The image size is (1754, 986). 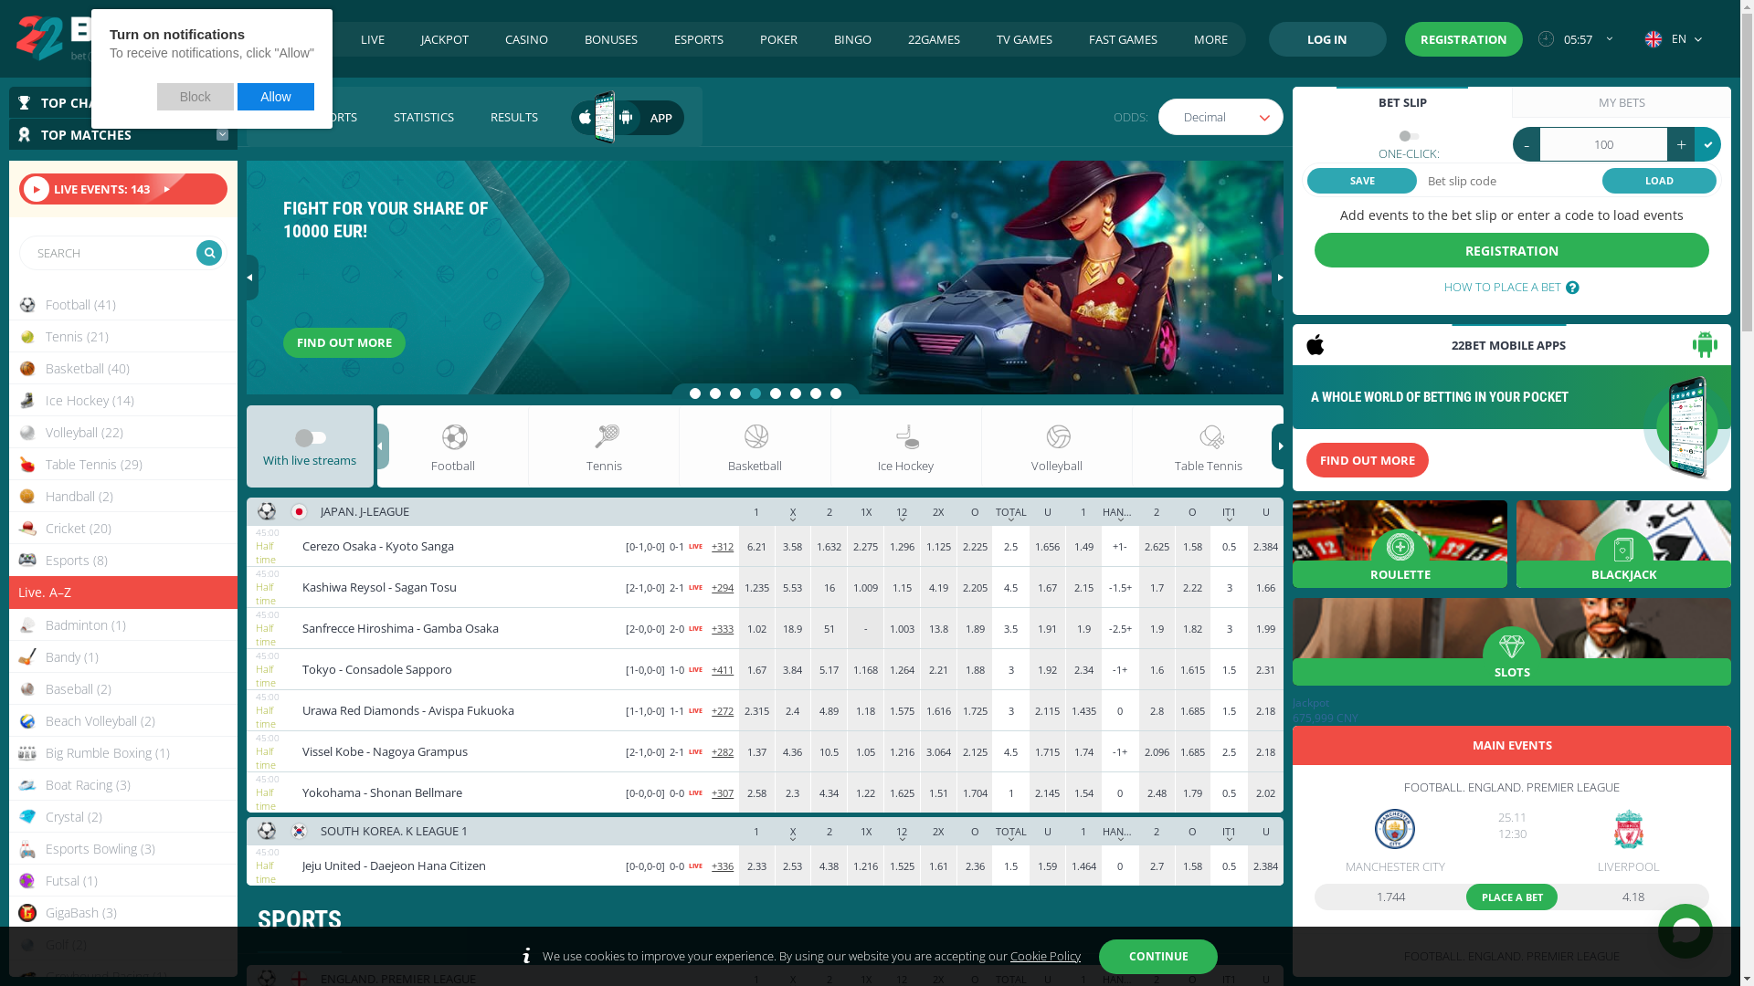 What do you see at coordinates (610, 38) in the screenshot?
I see `'BONUSES'` at bounding box center [610, 38].